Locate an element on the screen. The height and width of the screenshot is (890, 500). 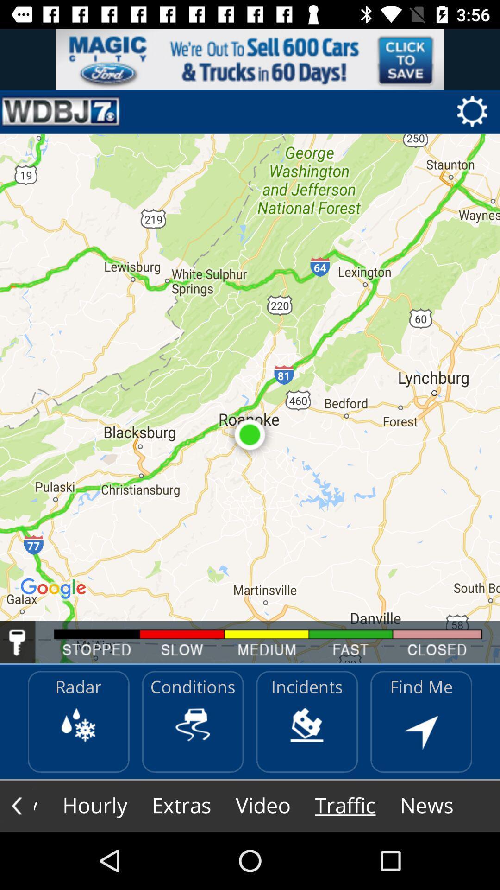
the arrow_backward icon is located at coordinates (17, 805).